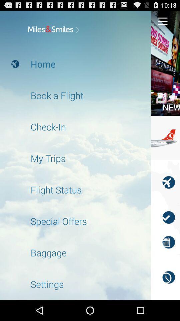 Image resolution: width=180 pixels, height=321 pixels. I want to click on options, so click(162, 21).